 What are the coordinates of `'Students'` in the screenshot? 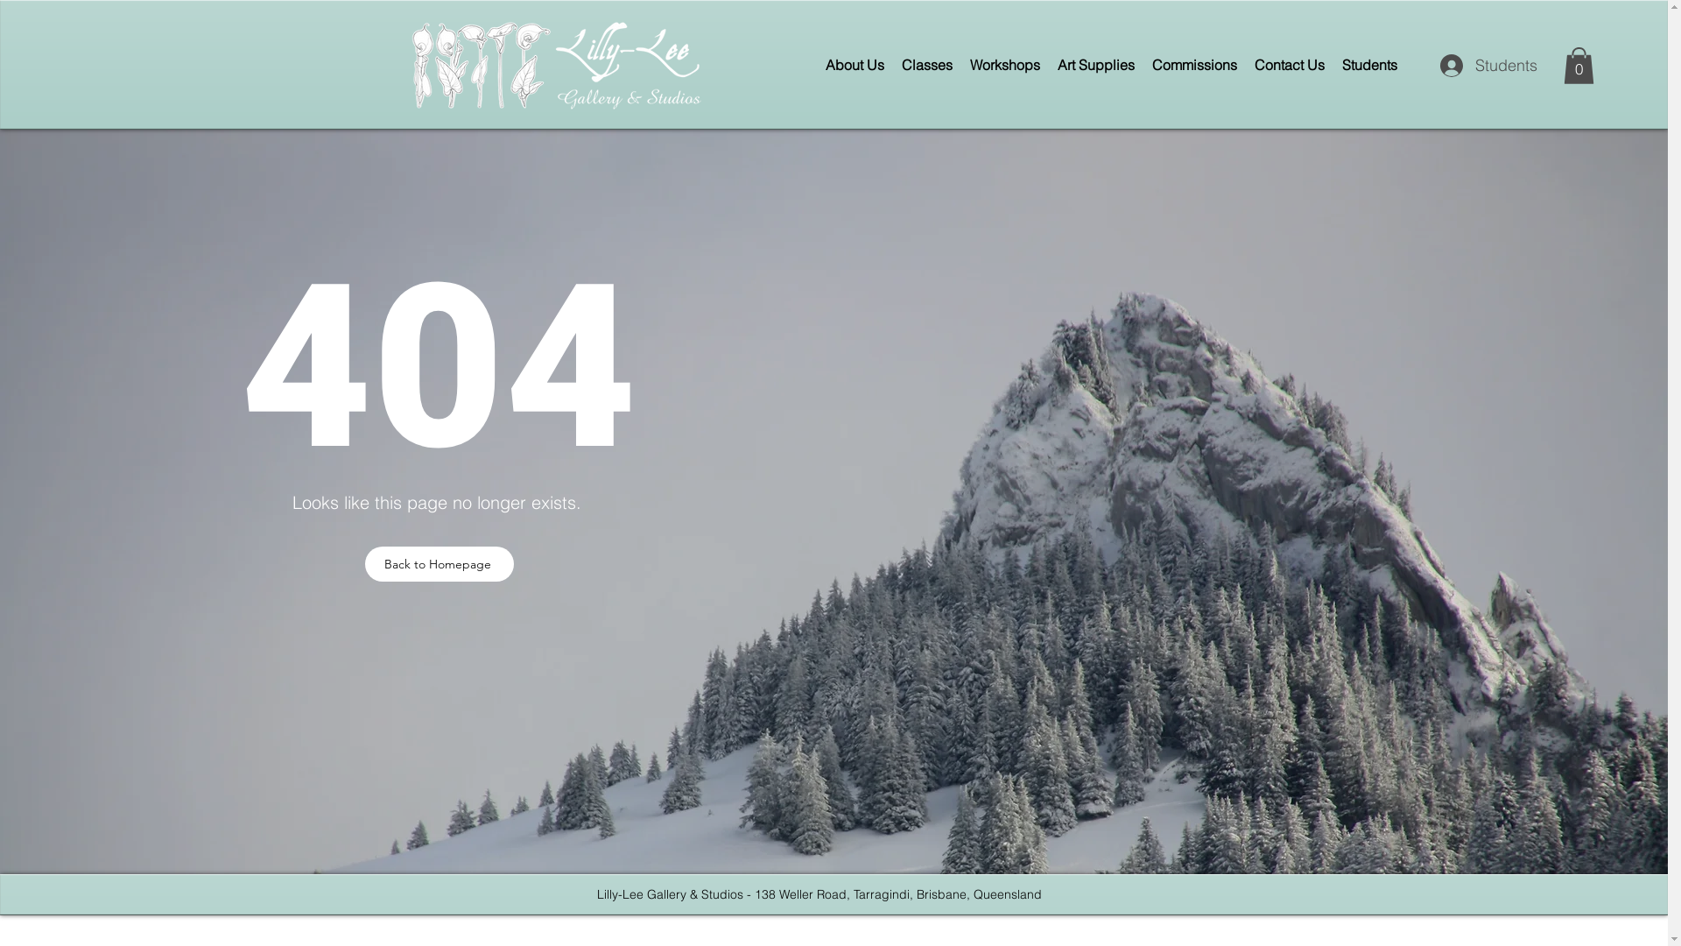 It's located at (1479, 64).